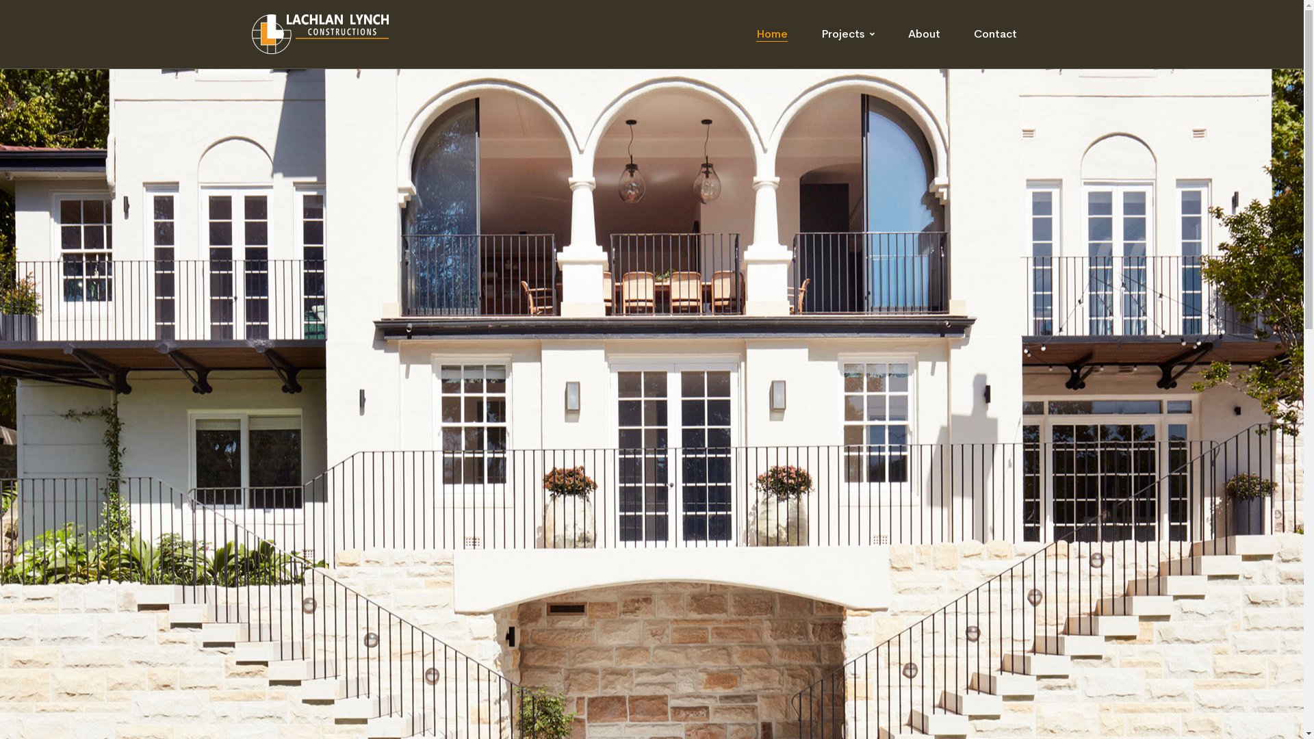 The height and width of the screenshot is (739, 1314). I want to click on 'Projects', so click(847, 34).